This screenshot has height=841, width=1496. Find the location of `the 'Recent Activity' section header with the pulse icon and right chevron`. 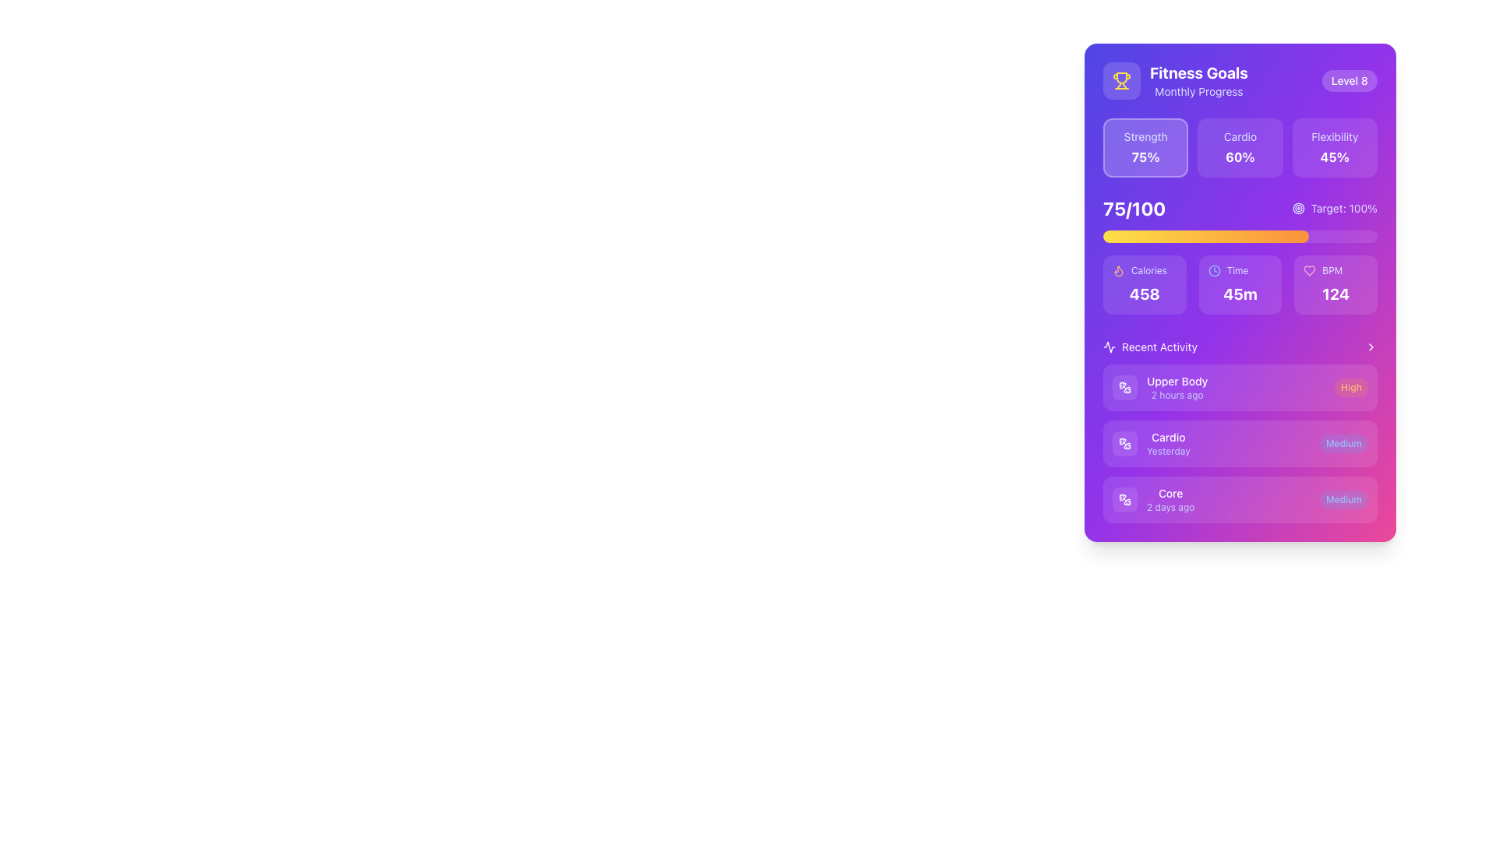

the 'Recent Activity' section header with the pulse icon and right chevron is located at coordinates (1240, 347).